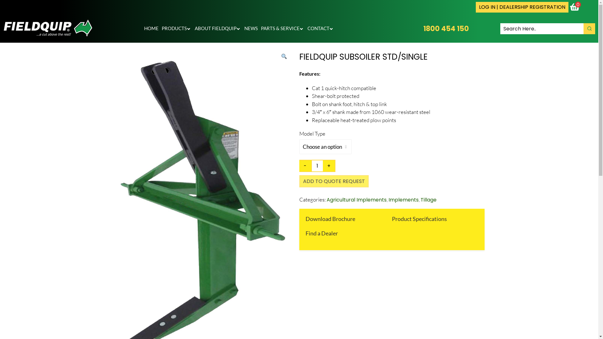 The image size is (603, 339). Describe the element at coordinates (305, 165) in the screenshot. I see `'-'` at that location.